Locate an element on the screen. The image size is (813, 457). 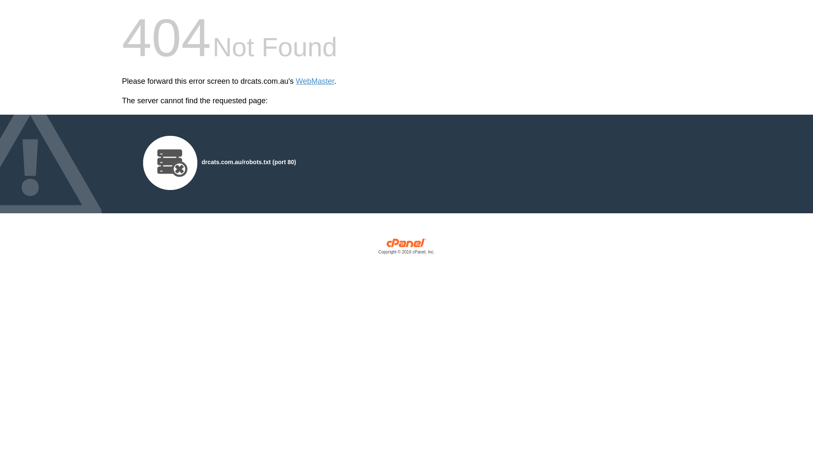
'WebMaster' is located at coordinates (296, 81).